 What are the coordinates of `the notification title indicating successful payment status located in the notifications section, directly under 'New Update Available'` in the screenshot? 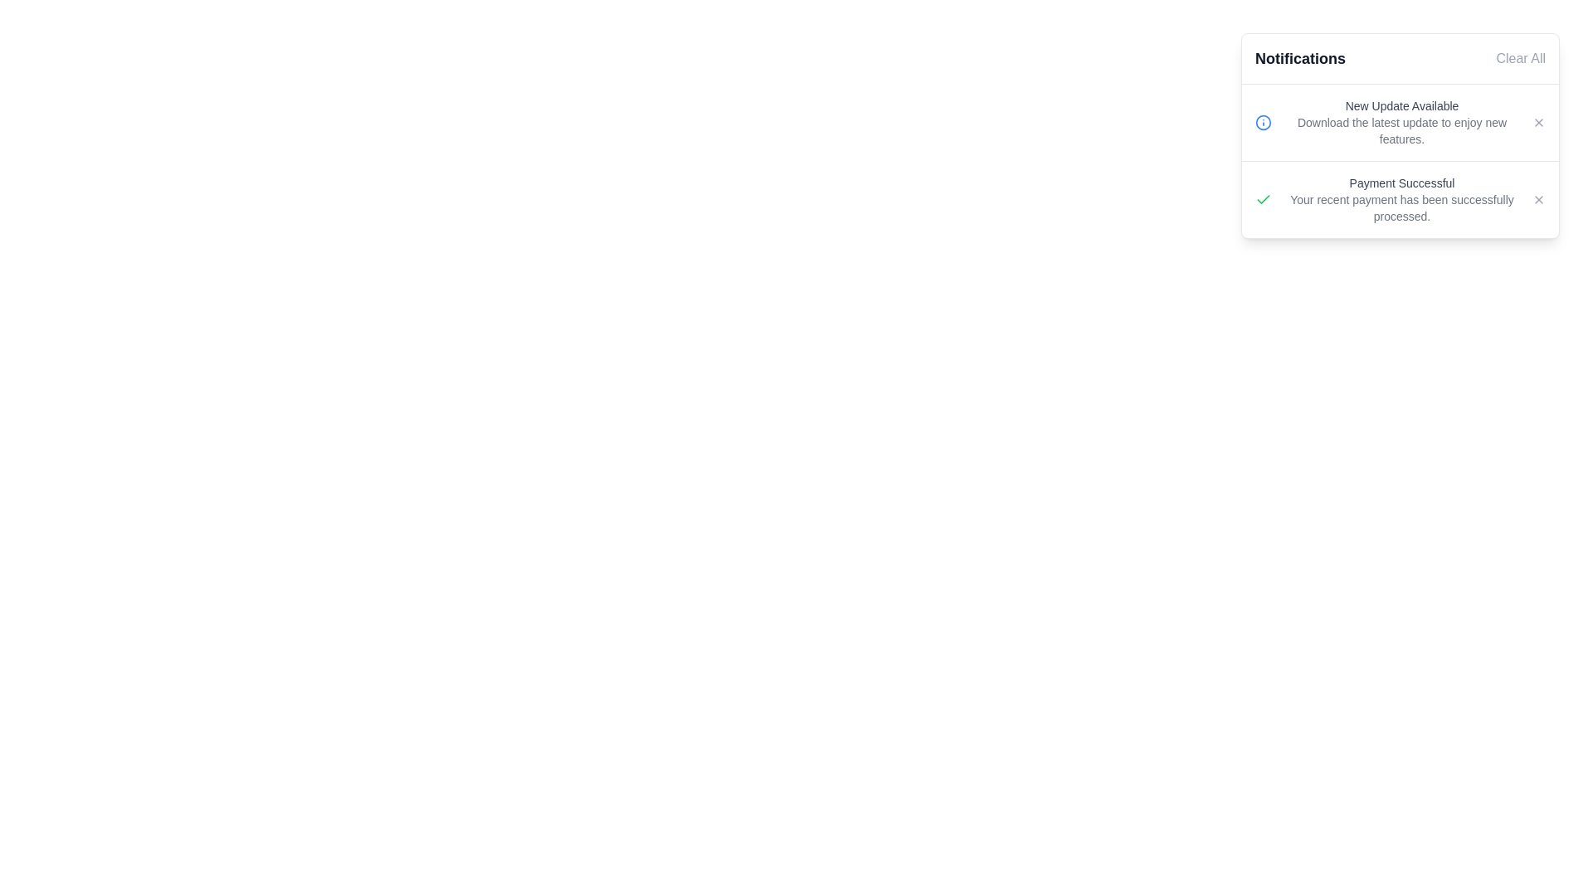 It's located at (1401, 183).